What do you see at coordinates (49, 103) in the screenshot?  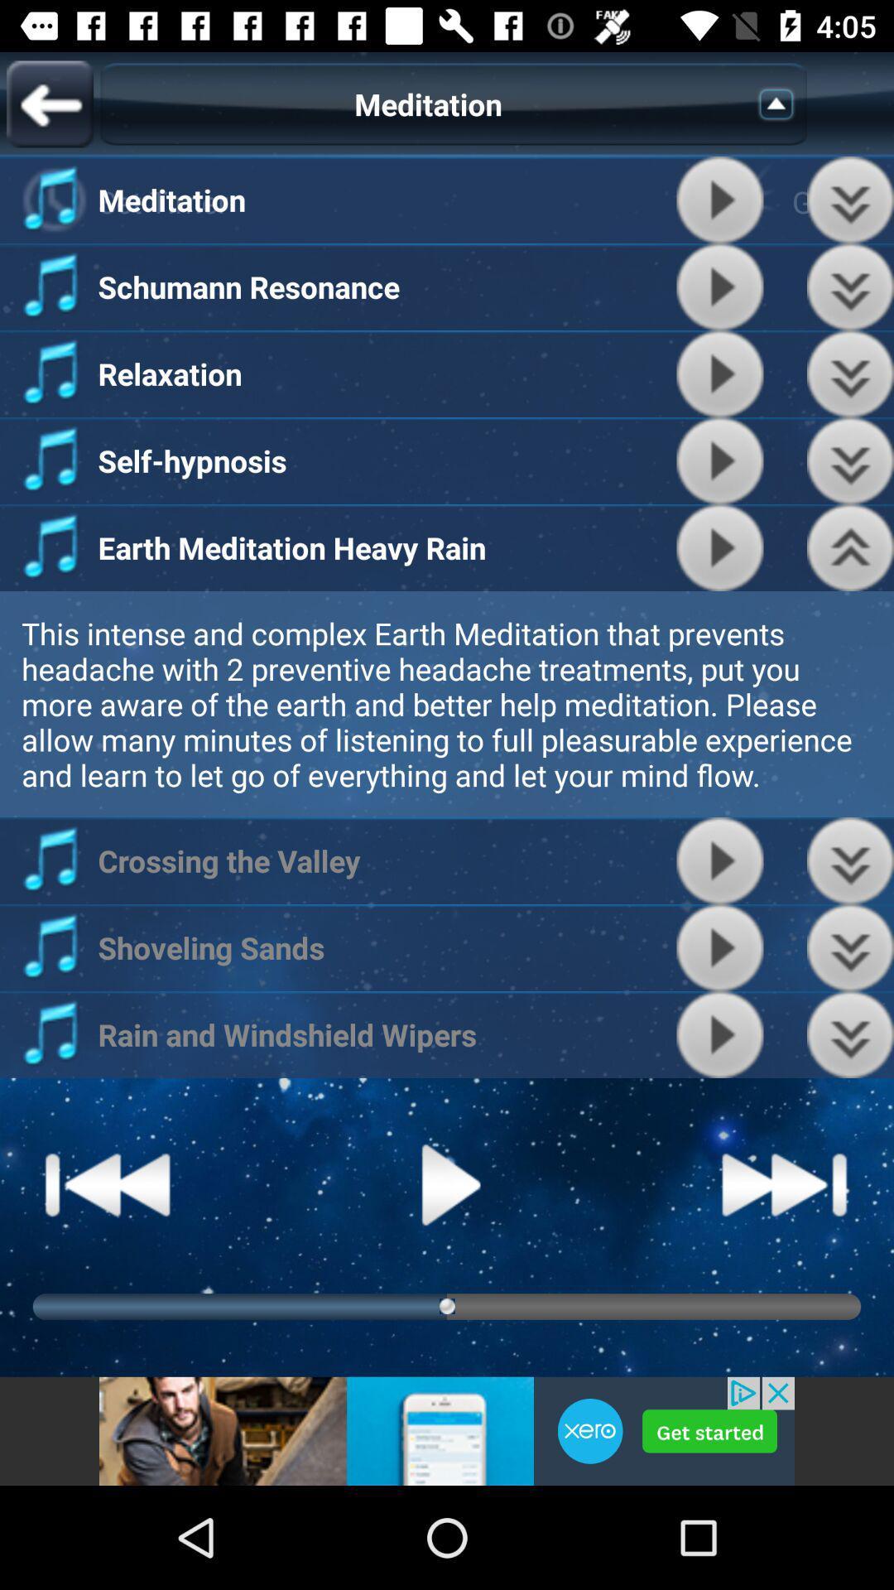 I see `the arrow_backward icon` at bounding box center [49, 103].